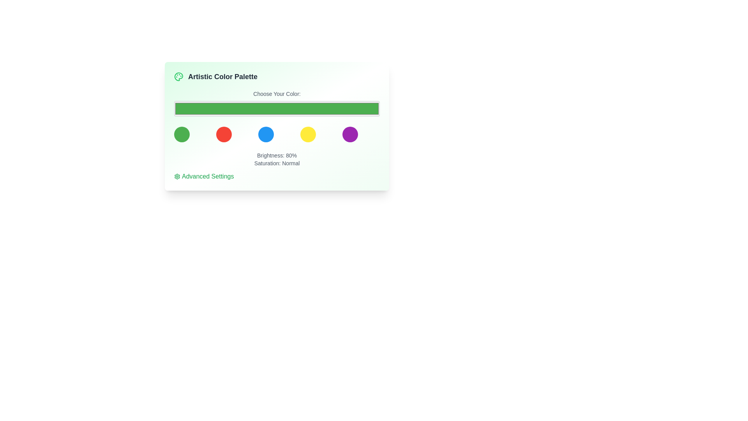 This screenshot has width=748, height=421. Describe the element at coordinates (178, 76) in the screenshot. I see `the small light green artist's palette icon located to the left of the 'Artistic Color Palette' title in the header section` at that location.